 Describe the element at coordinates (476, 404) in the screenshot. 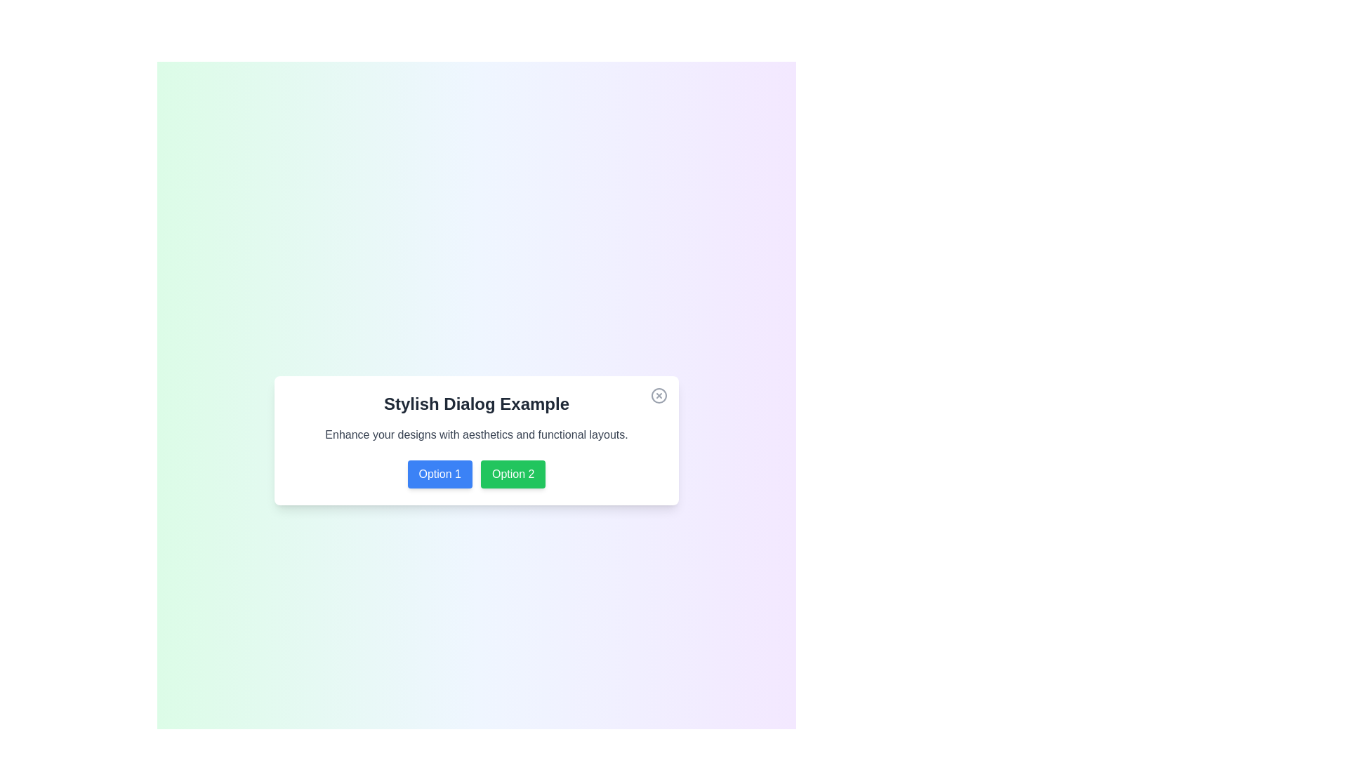

I see `the title 'Stylish Dialog Example' to read its content` at that location.